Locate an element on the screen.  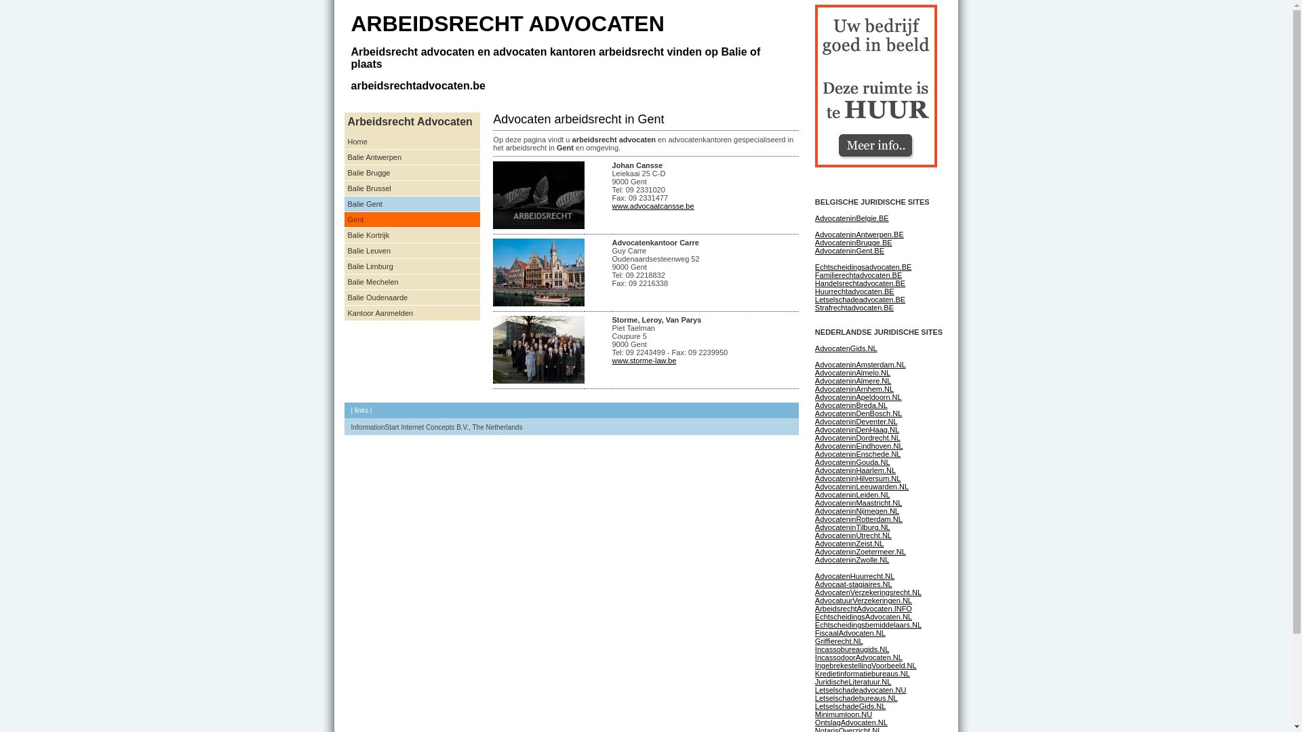
'Kantoor Aanmelden' is located at coordinates (412, 313).